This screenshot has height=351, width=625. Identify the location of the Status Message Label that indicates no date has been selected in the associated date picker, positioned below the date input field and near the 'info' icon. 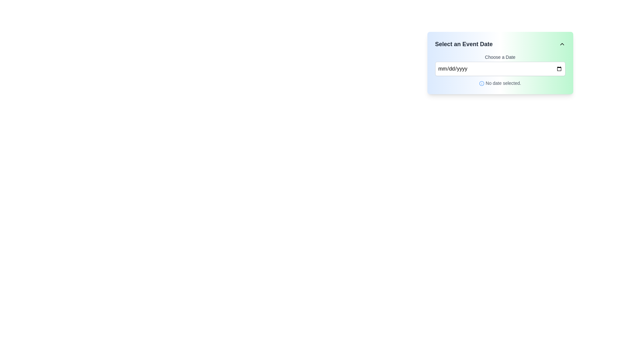
(503, 83).